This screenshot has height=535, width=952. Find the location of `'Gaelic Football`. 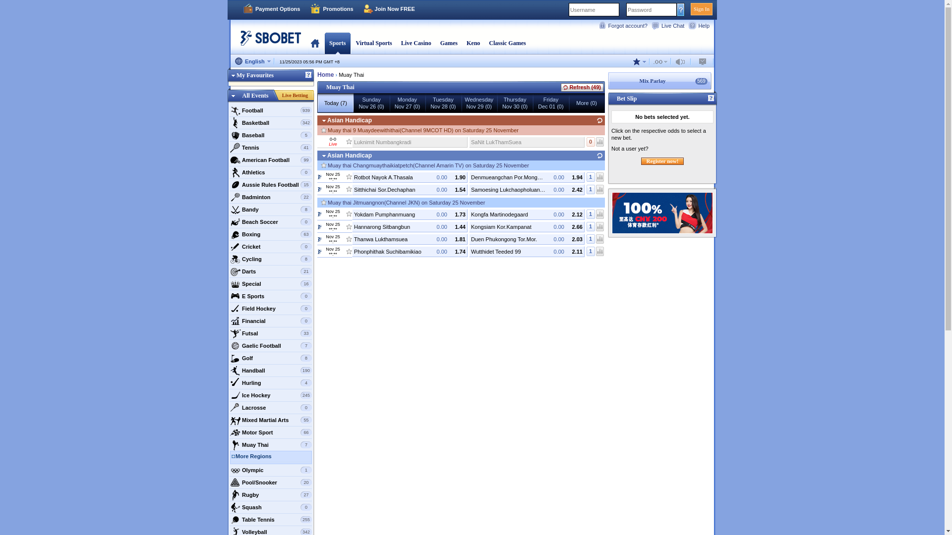

'Gaelic Football is located at coordinates (271, 345).